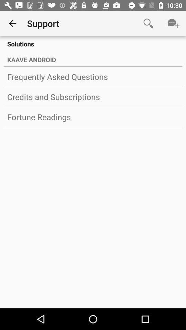 The height and width of the screenshot is (330, 186). Describe the element at coordinates (93, 96) in the screenshot. I see `credits and subscriptions icon` at that location.